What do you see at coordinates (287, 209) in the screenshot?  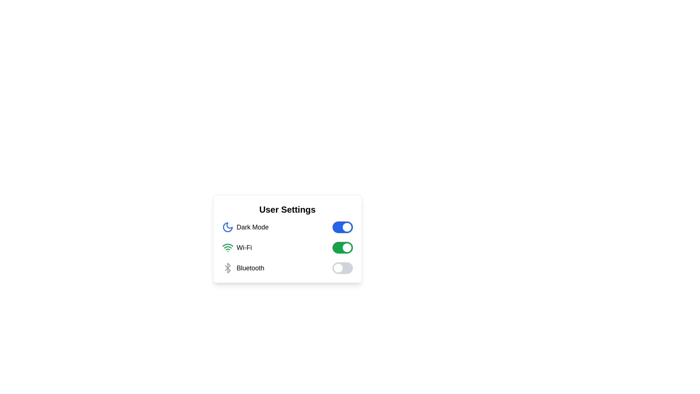 I see `the Text block (header) that indicates the purpose of the group of settings including 'Dark Mode', 'Wi-Fi', and 'Bluetooth'` at bounding box center [287, 209].